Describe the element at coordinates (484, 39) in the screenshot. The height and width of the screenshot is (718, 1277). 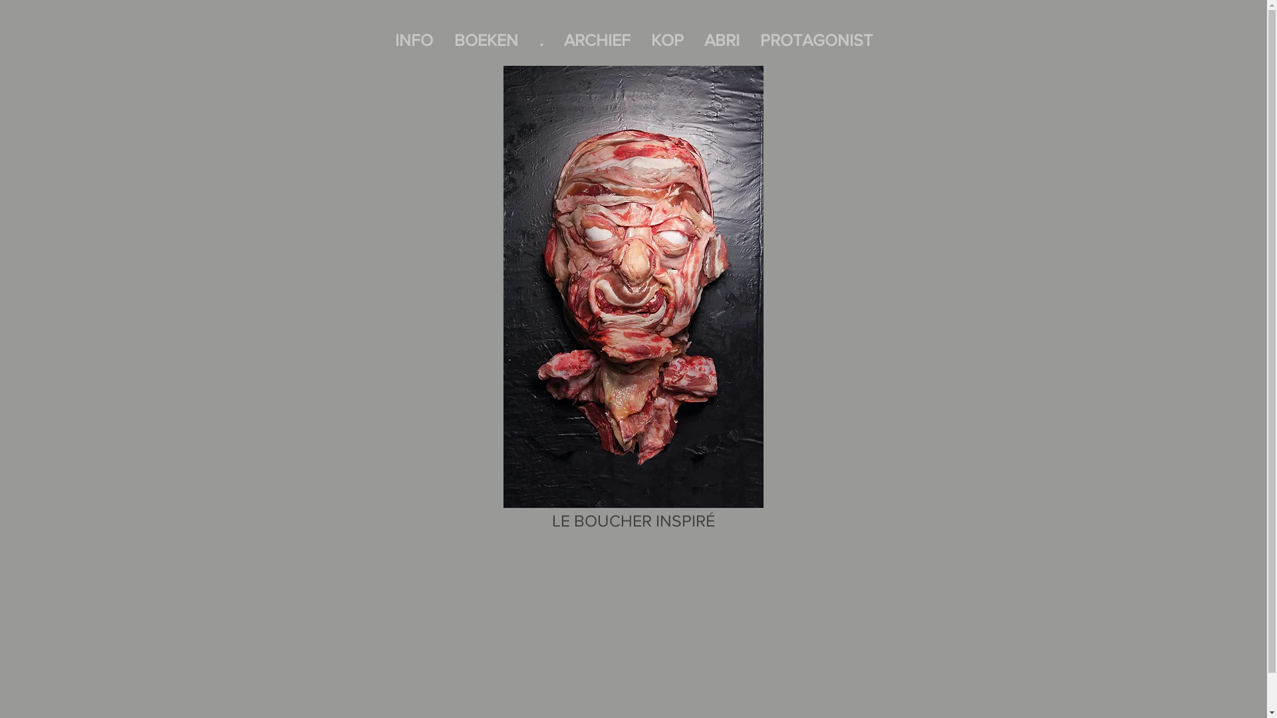
I see `'BOEKEN'` at that location.